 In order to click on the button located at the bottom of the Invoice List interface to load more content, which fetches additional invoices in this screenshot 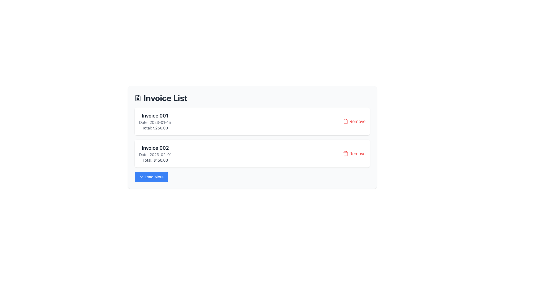, I will do `click(151, 177)`.